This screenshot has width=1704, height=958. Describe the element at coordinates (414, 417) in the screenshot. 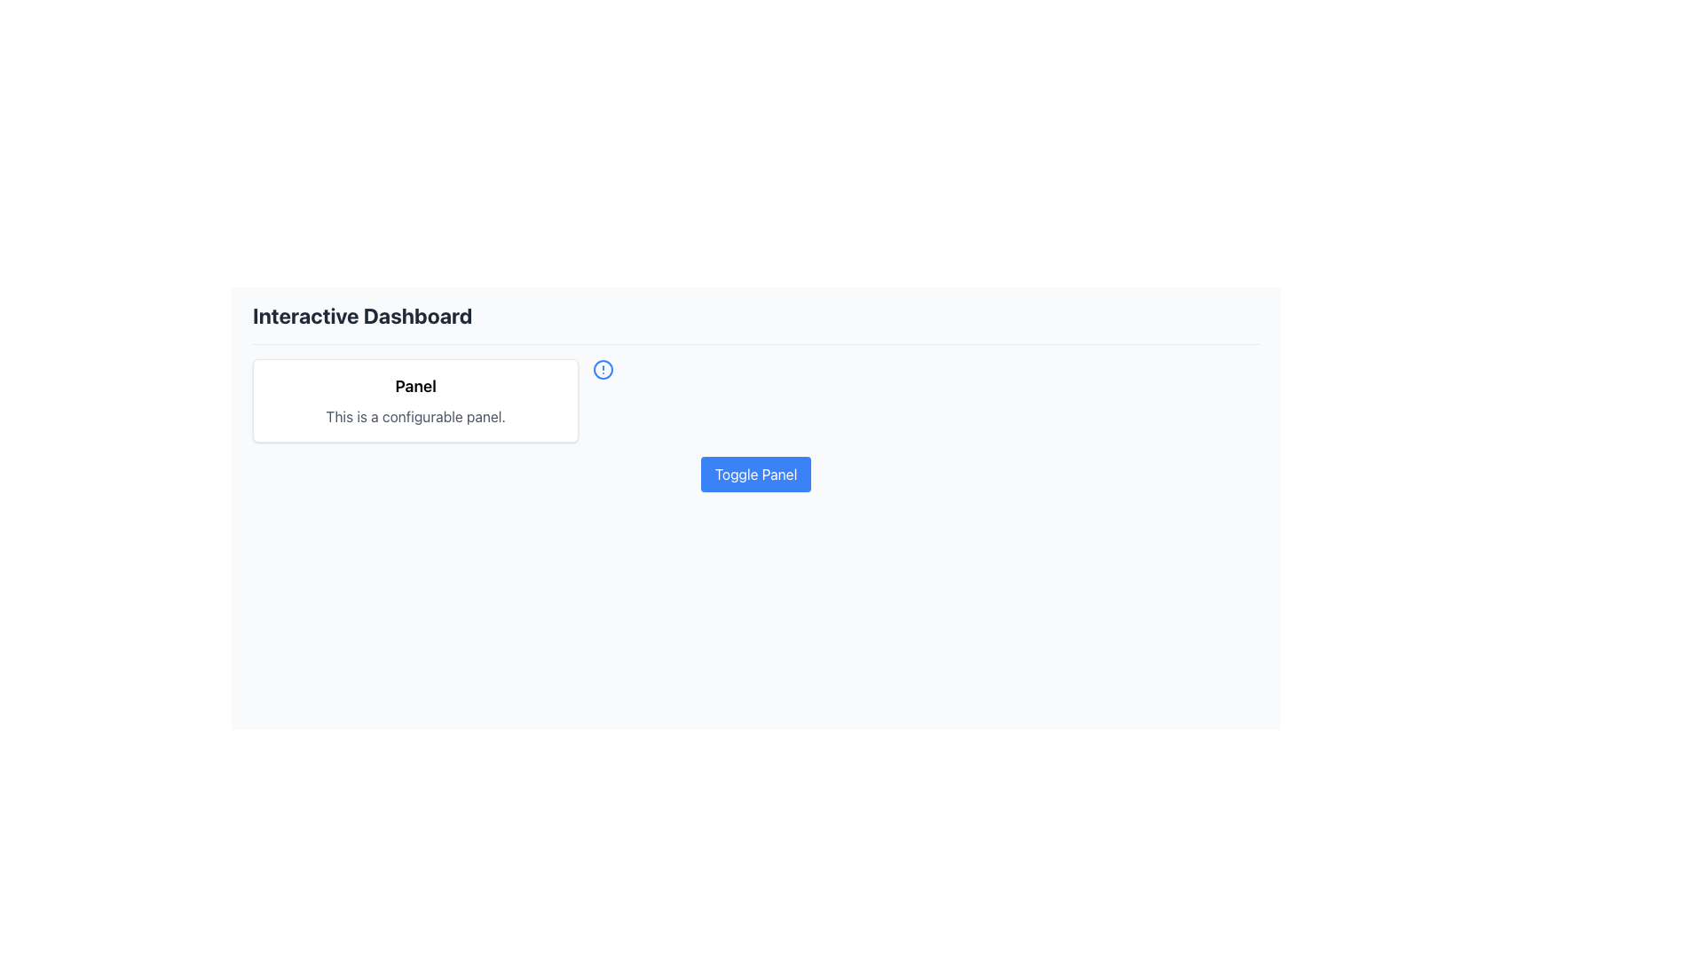

I see `the text label that reads 'This is a configurable panel.' located beneath the title 'Panel' in a bordered, shadowed panel` at that location.